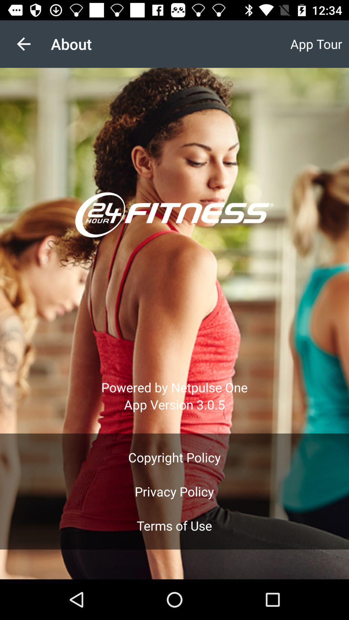  Describe the element at coordinates (174, 491) in the screenshot. I see `the icon below the copyright policy item` at that location.